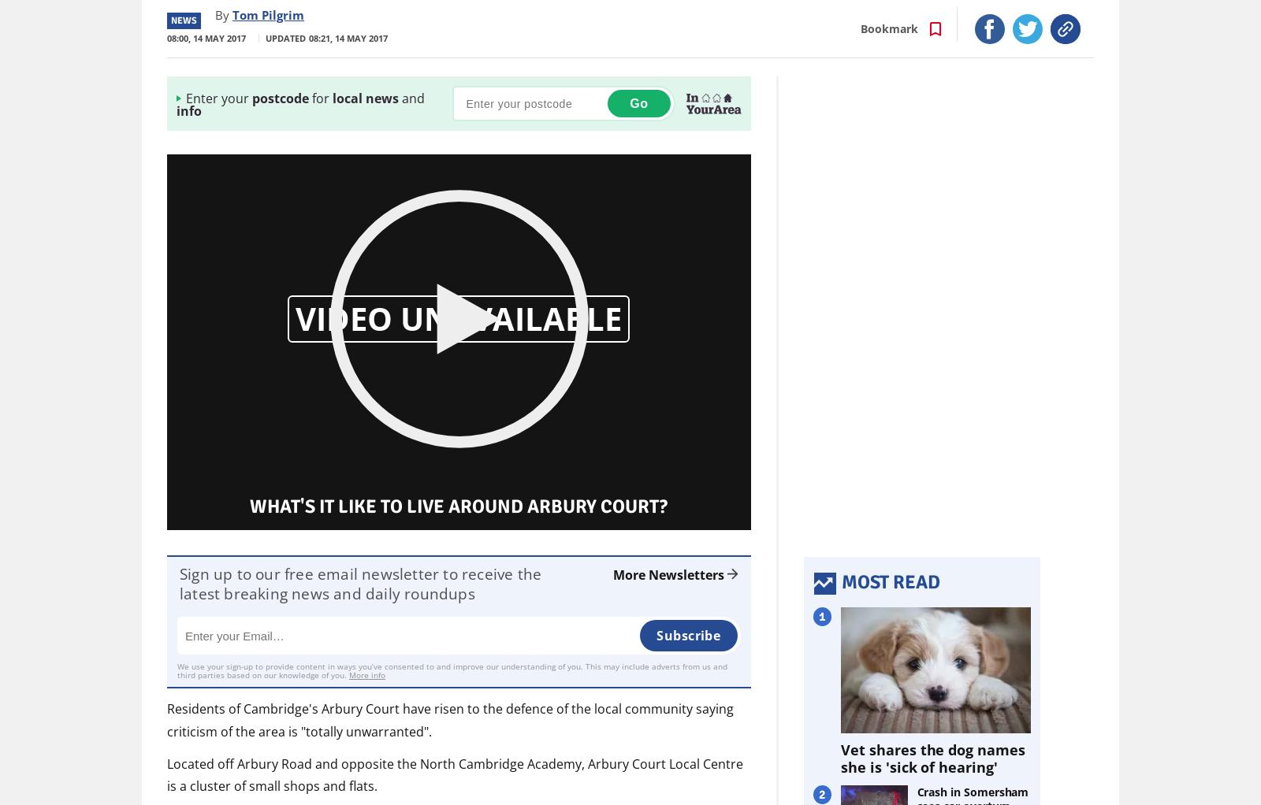 This screenshot has height=805, width=1261. Describe the element at coordinates (821, 793) in the screenshot. I see `'2'` at that location.